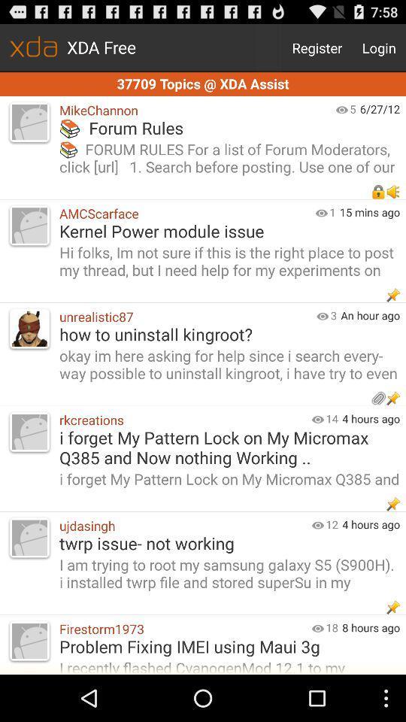  I want to click on ujdasingh app, so click(182, 525).